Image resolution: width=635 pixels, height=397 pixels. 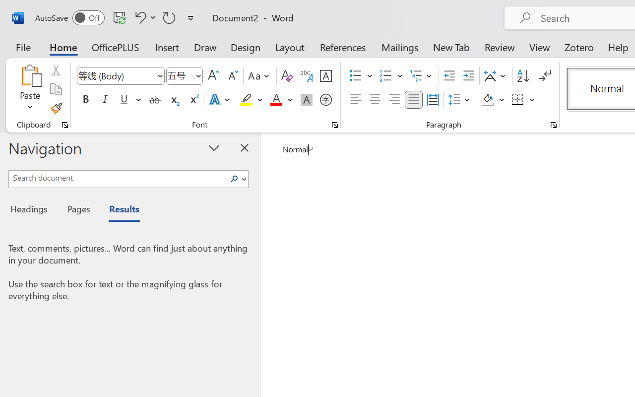 What do you see at coordinates (167, 47) in the screenshot?
I see `'Insert'` at bounding box center [167, 47].